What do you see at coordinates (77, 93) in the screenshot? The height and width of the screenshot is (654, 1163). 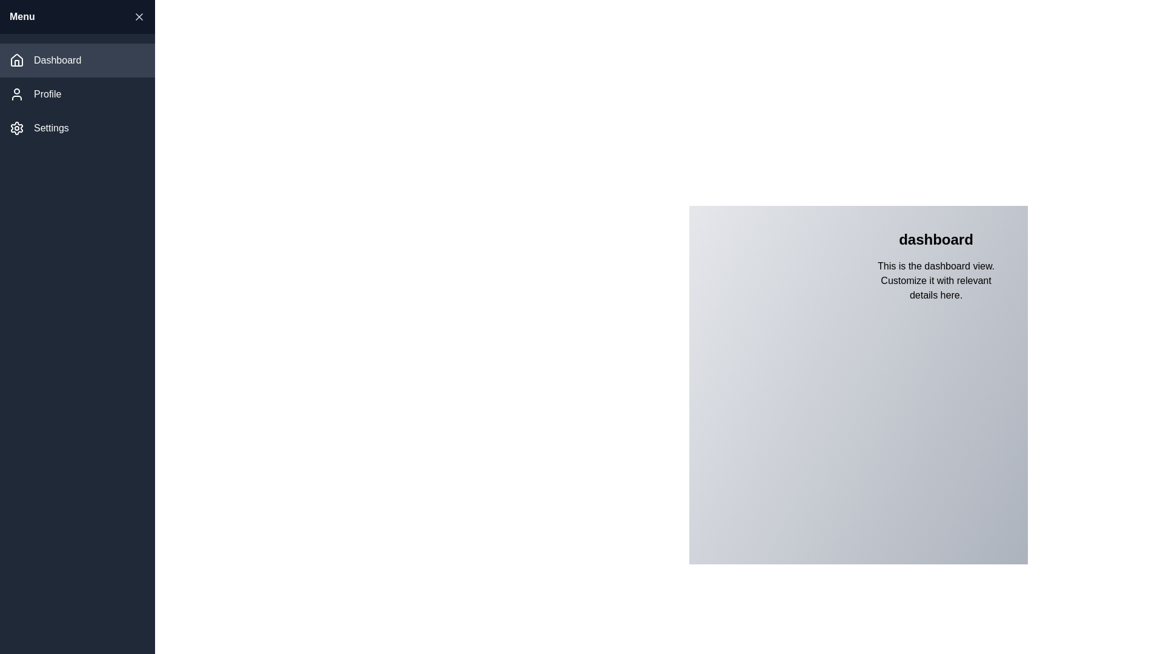 I see `the menu item Profile in the sidebar` at bounding box center [77, 93].